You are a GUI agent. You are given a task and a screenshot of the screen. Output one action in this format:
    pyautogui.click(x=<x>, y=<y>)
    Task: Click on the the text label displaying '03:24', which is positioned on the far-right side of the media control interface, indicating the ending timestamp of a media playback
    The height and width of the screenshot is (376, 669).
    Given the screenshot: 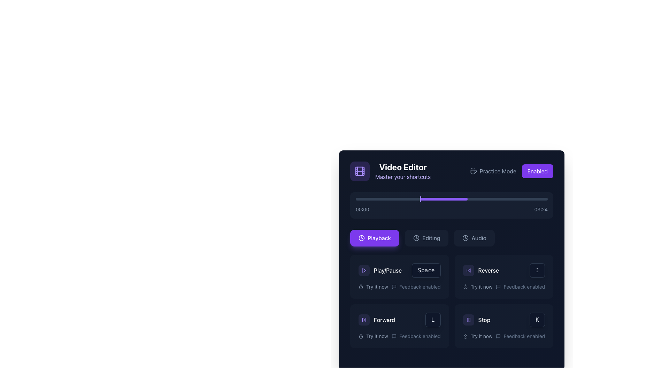 What is the action you would take?
    pyautogui.click(x=540, y=209)
    